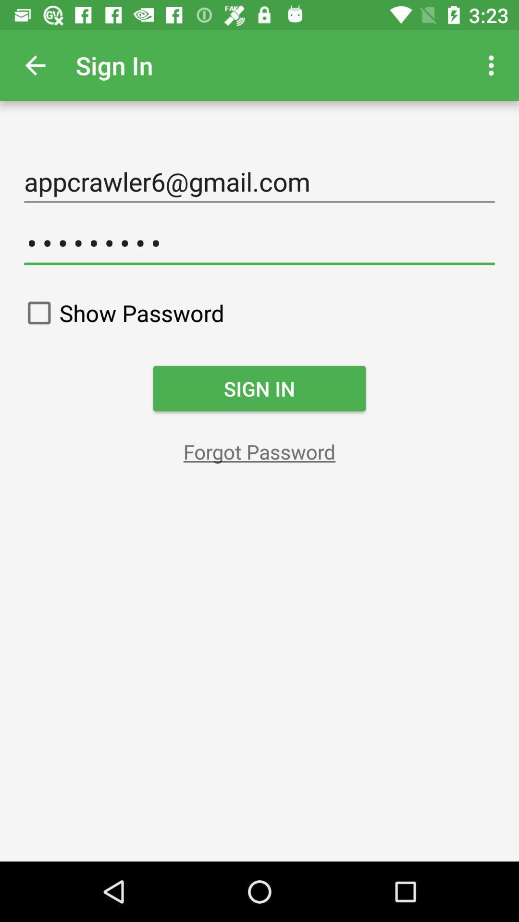 The width and height of the screenshot is (519, 922). Describe the element at coordinates (259, 243) in the screenshot. I see `icon above the show password` at that location.